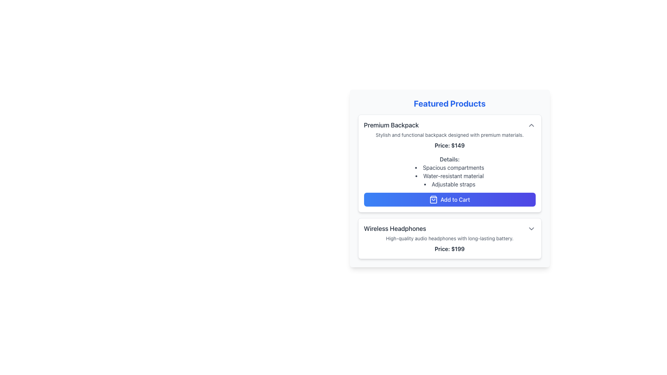  What do you see at coordinates (450, 184) in the screenshot?
I see `the third bullet point in the 'Details' section of the 'Premium Backpack' product card which highlights the feature of adjustable straps` at bounding box center [450, 184].